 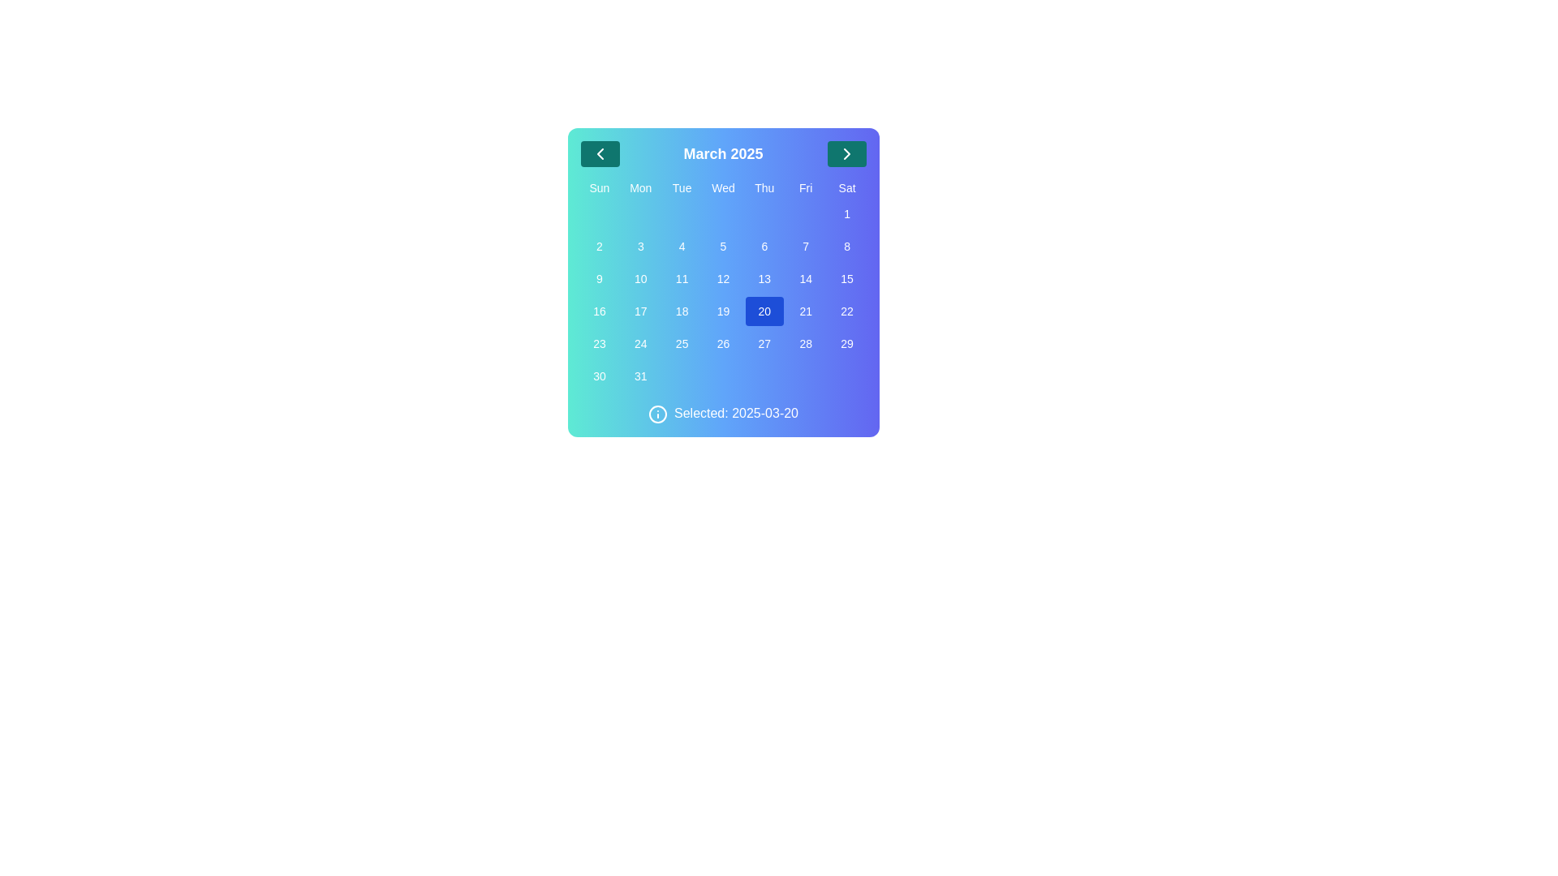 What do you see at coordinates (846, 247) in the screenshot?
I see `the rounded rectangular button labeled '8' in the calendar grid under the 'Sat' column` at bounding box center [846, 247].